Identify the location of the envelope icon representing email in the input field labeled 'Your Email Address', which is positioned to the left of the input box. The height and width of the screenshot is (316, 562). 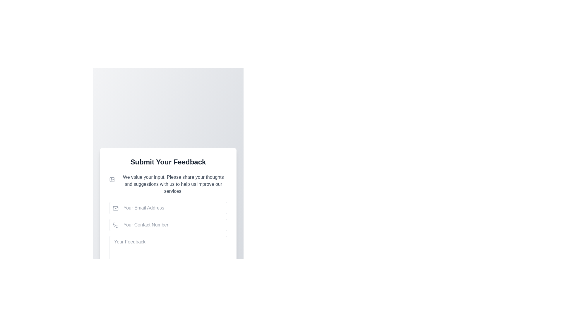
(115, 208).